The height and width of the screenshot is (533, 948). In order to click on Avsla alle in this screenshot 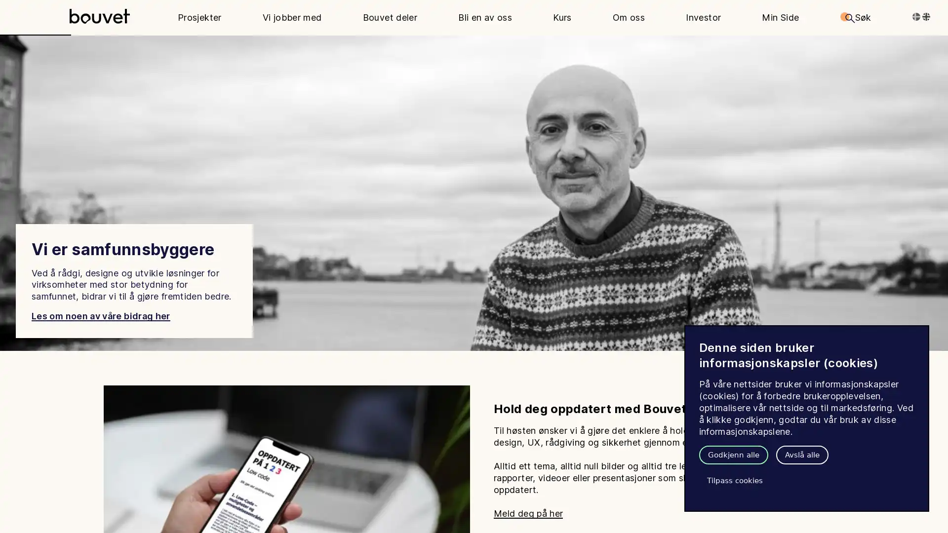, I will do `click(801, 455)`.